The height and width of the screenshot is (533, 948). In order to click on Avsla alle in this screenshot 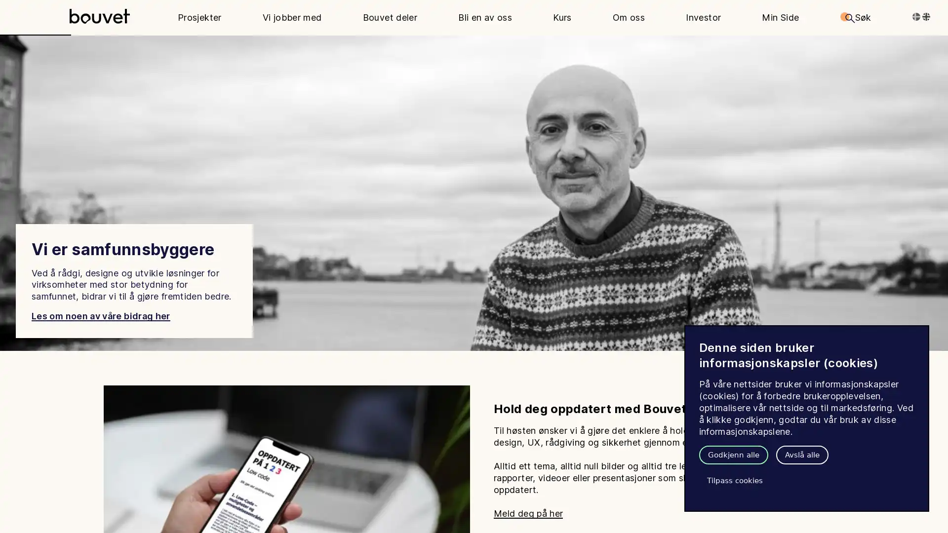, I will do `click(801, 455)`.